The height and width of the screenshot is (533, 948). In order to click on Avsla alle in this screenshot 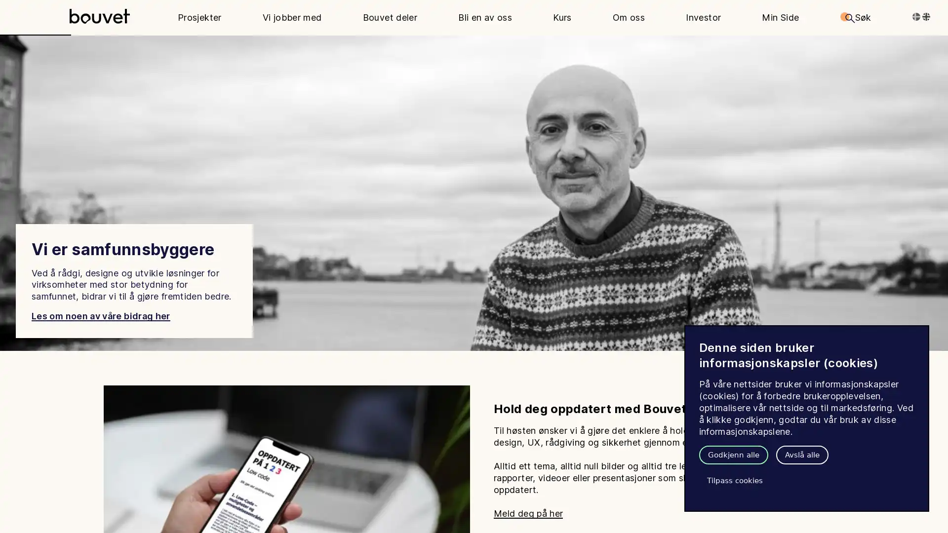, I will do `click(801, 455)`.